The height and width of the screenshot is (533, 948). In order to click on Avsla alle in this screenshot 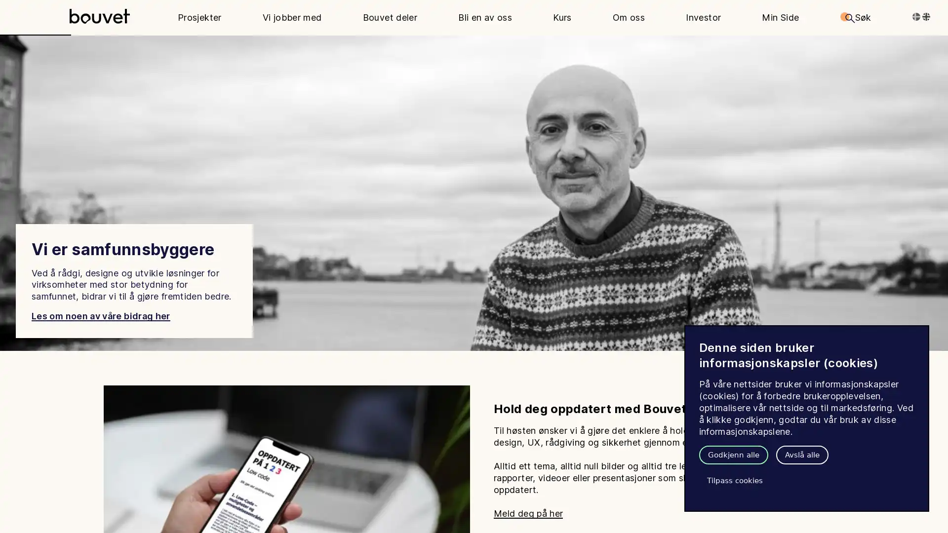, I will do `click(801, 455)`.